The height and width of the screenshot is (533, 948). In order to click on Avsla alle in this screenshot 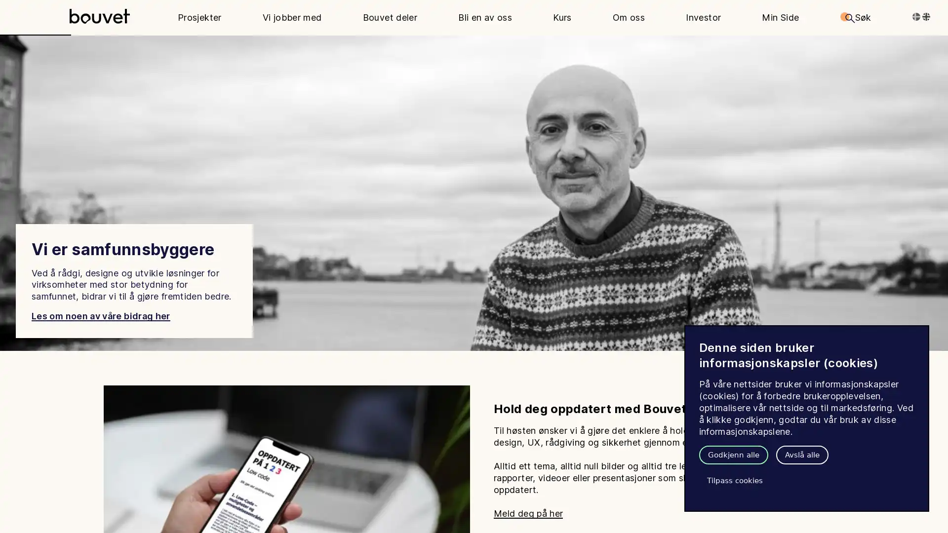, I will do `click(801, 455)`.